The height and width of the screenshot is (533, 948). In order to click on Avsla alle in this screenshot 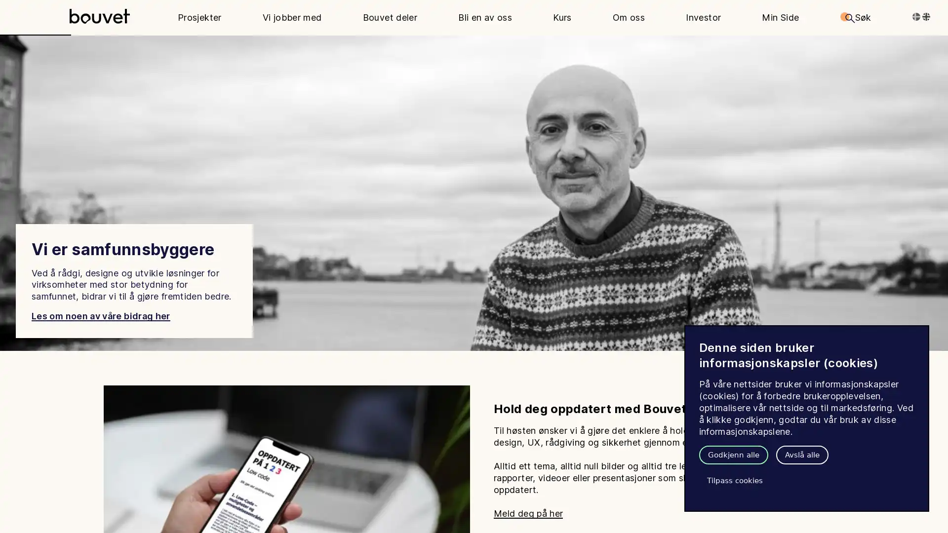, I will do `click(801, 455)`.